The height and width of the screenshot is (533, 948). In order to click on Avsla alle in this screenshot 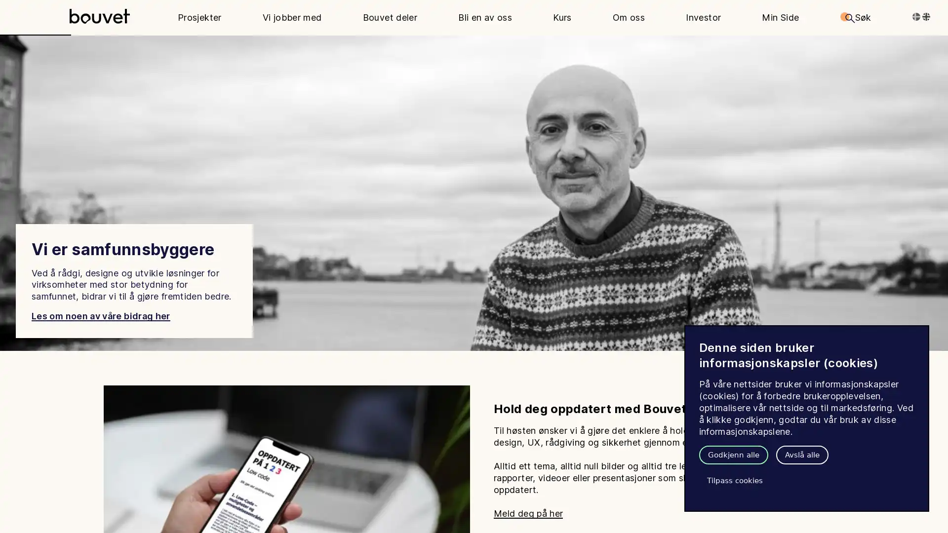, I will do `click(801, 455)`.